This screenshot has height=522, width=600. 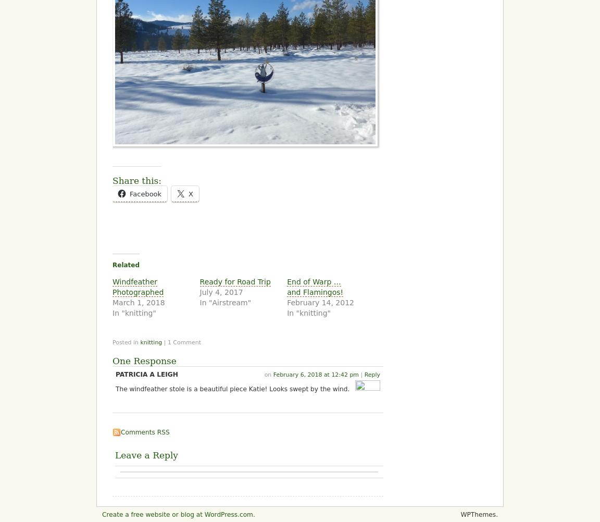 What do you see at coordinates (145, 431) in the screenshot?
I see `'Comments RSS'` at bounding box center [145, 431].